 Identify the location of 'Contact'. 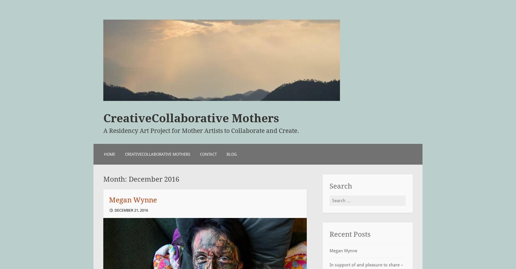
(200, 154).